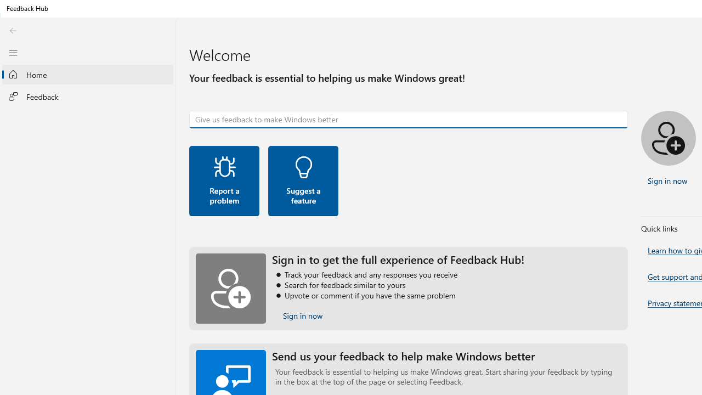 The image size is (702, 395). I want to click on 'Report a problem', so click(224, 180).